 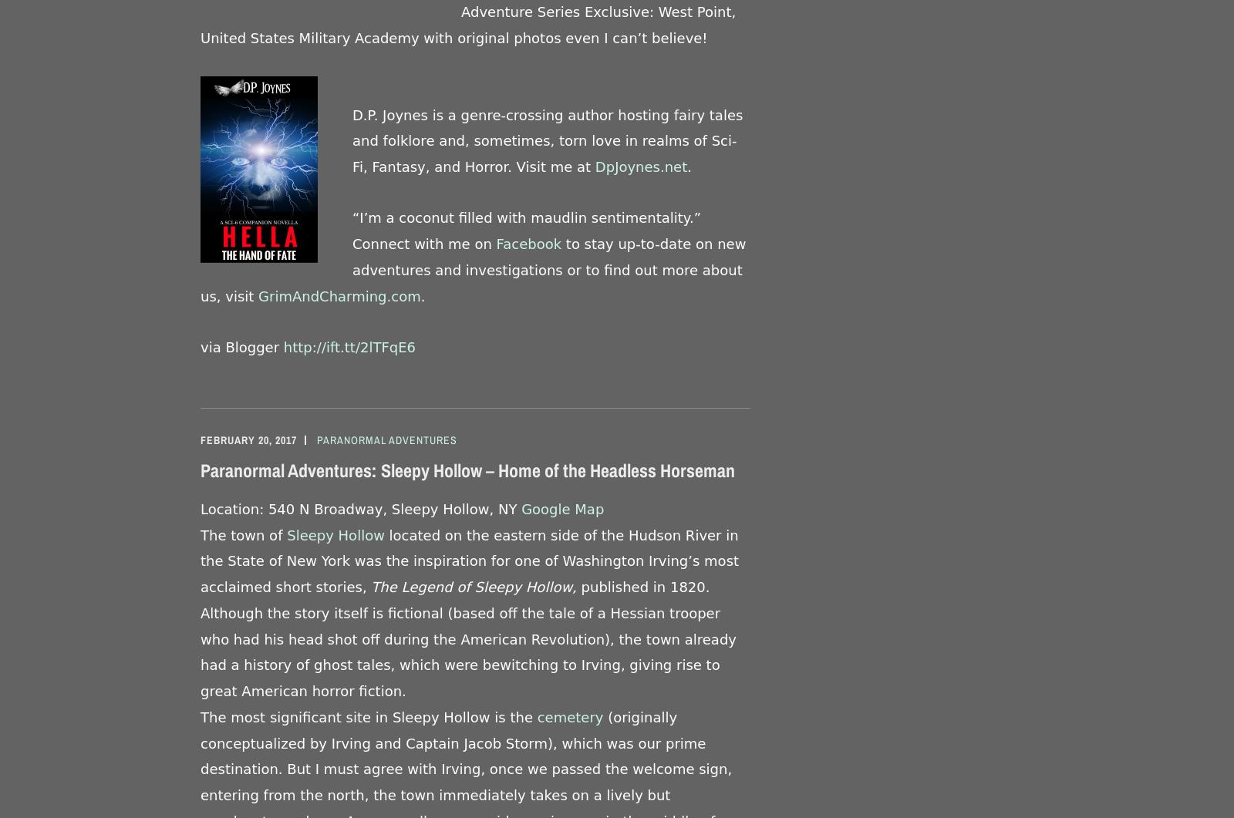 I want to click on 'to stay up-to-date on new adventures and investigations or to find out more about us, visit', so click(x=201, y=269).